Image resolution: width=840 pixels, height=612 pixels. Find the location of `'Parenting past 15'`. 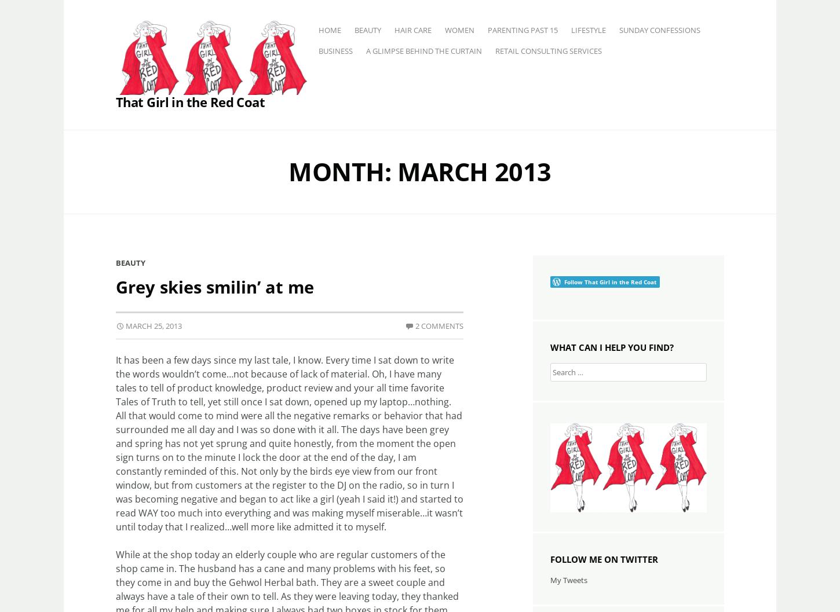

'Parenting past 15' is located at coordinates (522, 30).